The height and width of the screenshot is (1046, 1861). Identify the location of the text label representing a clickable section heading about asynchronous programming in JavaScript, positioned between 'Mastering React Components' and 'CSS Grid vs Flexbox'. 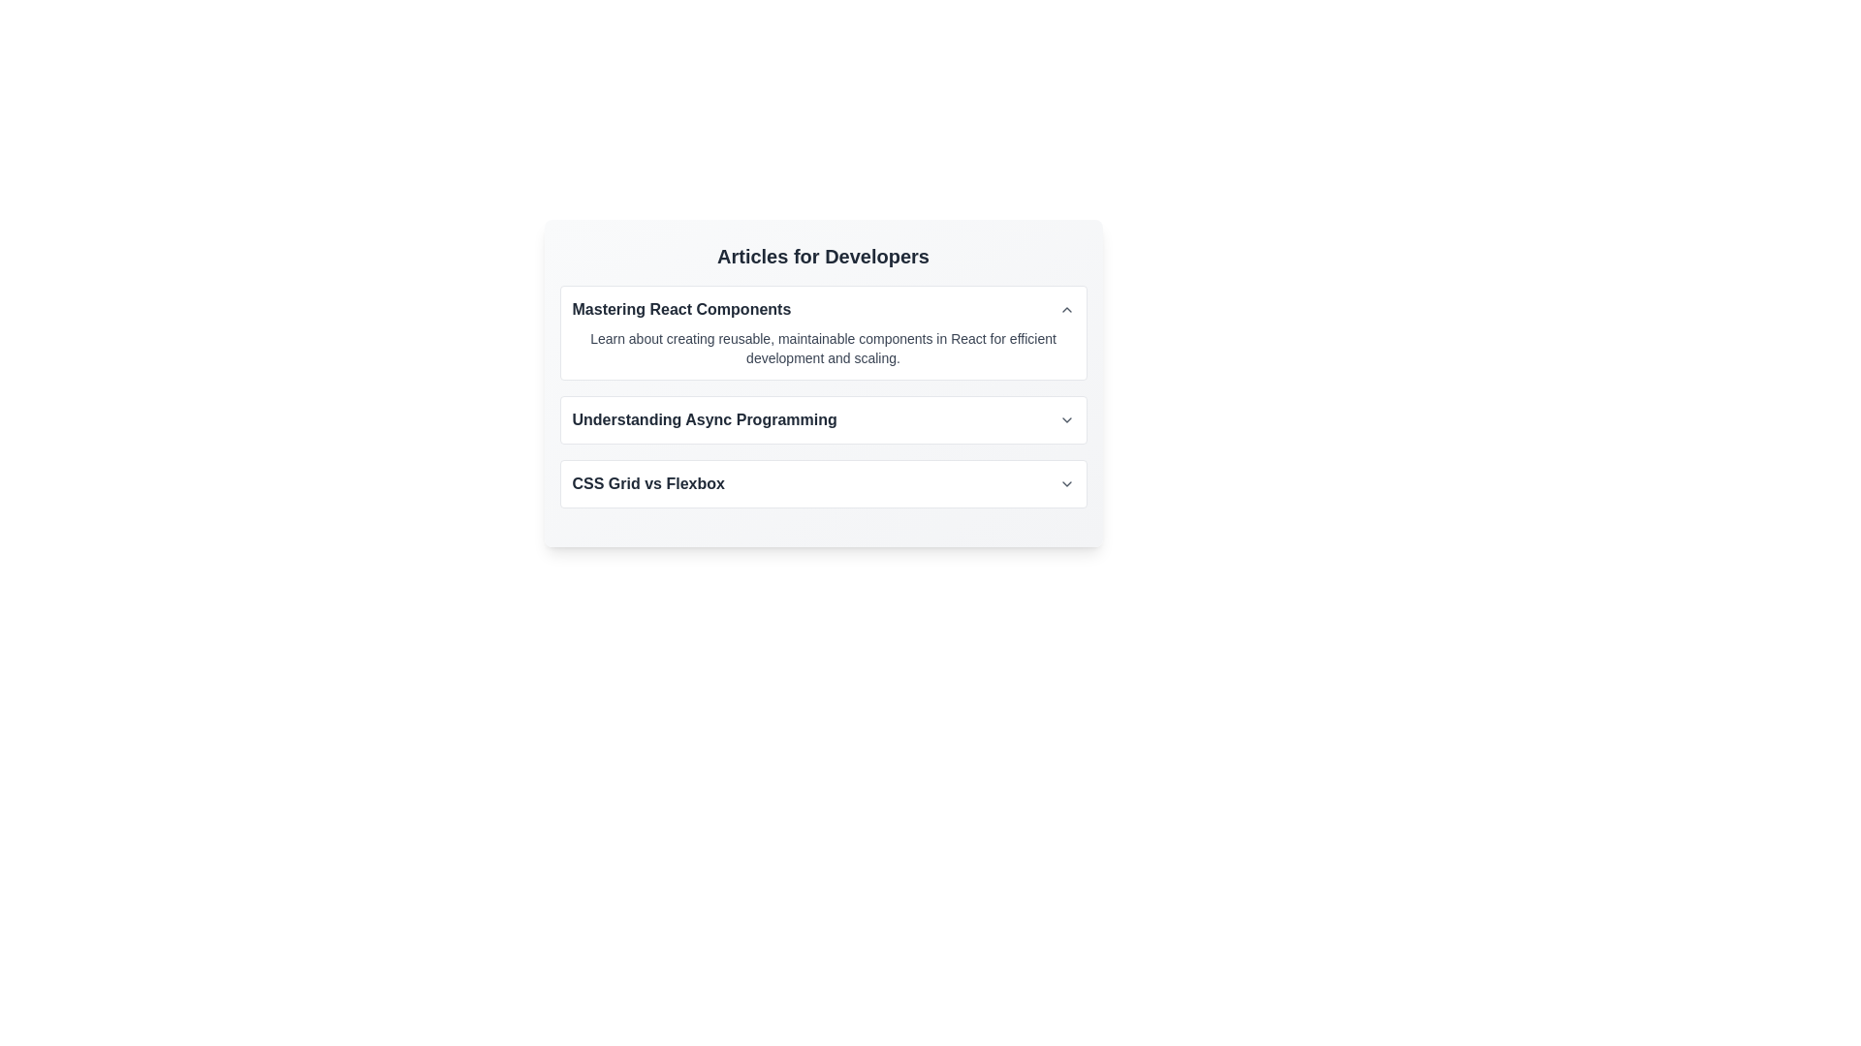
(704, 419).